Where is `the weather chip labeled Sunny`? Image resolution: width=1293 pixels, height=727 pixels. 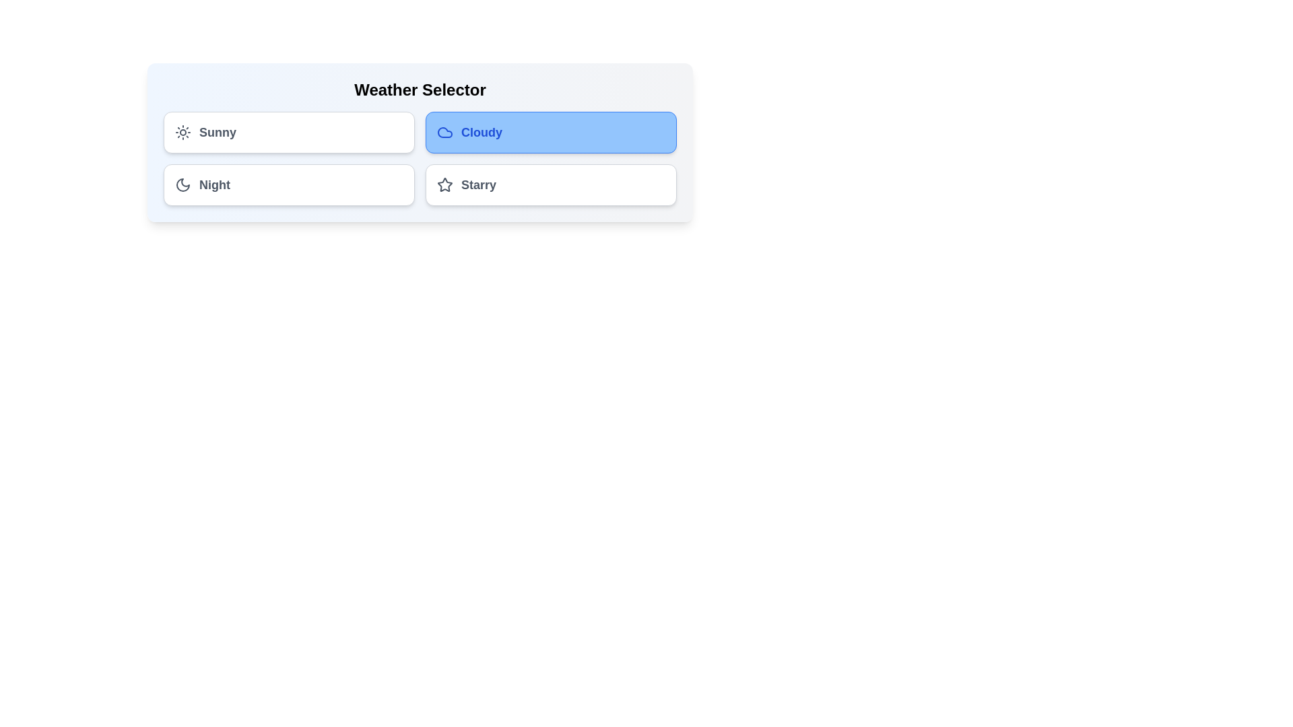
the weather chip labeled Sunny is located at coordinates (288, 132).